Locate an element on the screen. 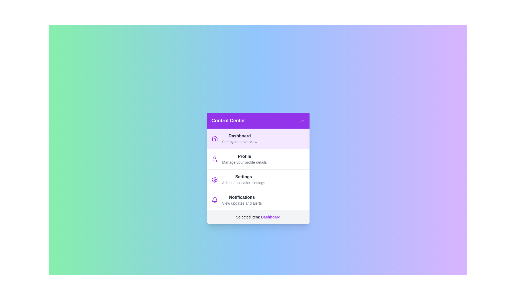 This screenshot has width=511, height=287. the menu item Settings from the list is located at coordinates (258, 179).